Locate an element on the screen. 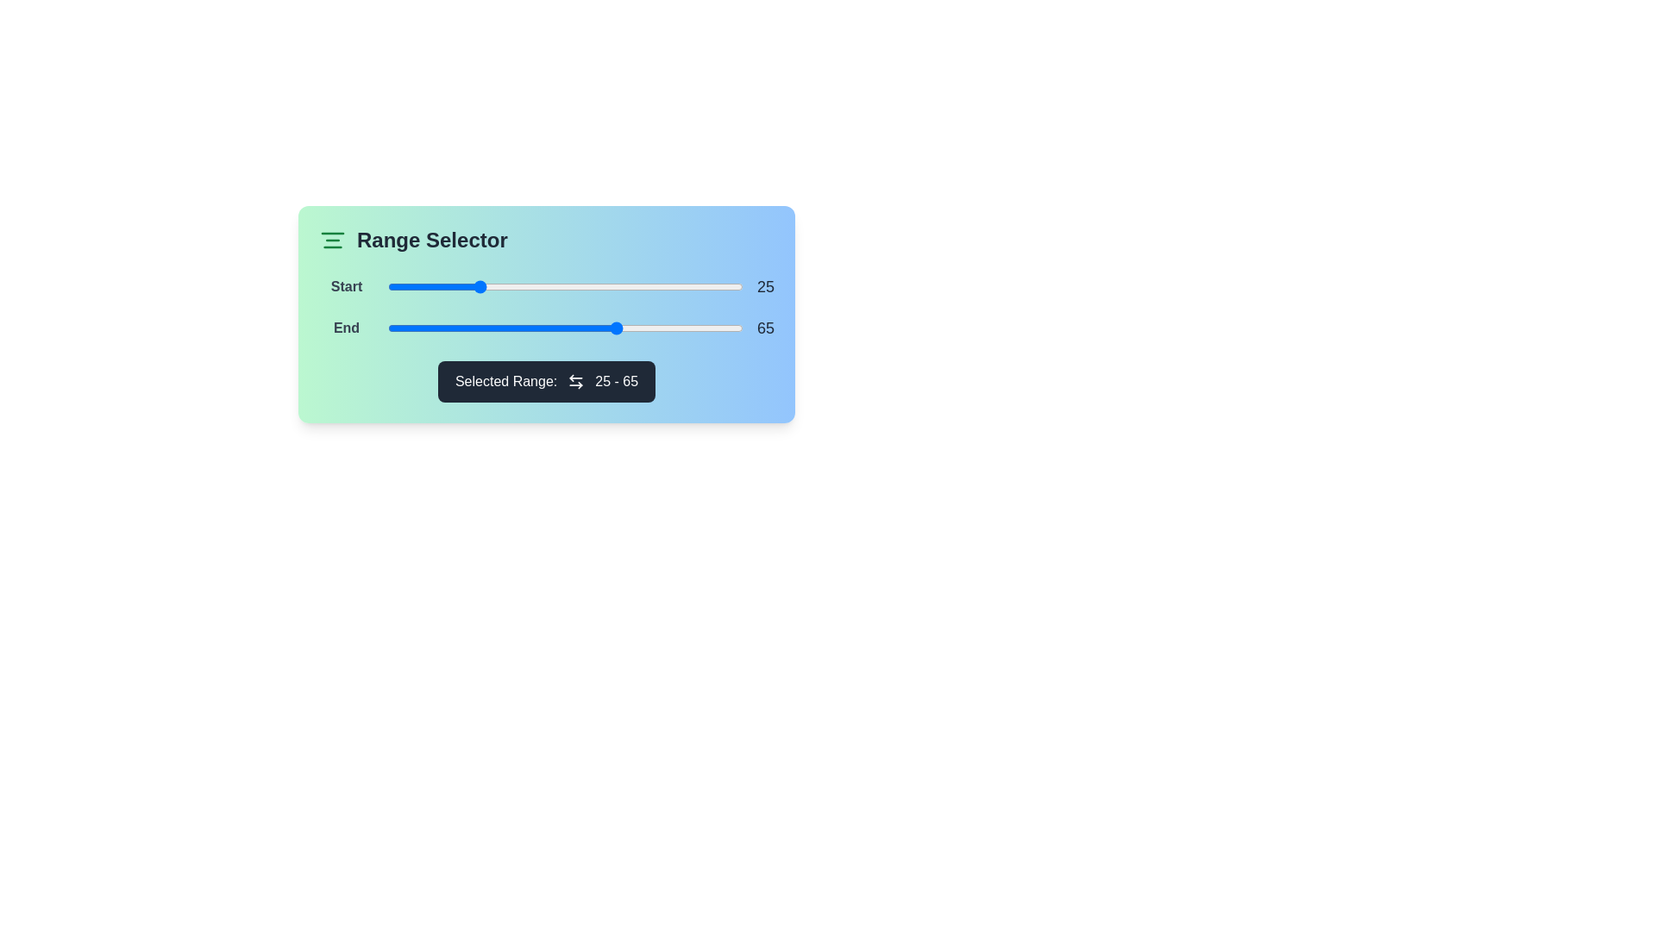 This screenshot has height=931, width=1656. the start range slider to 16 is located at coordinates (444, 285).